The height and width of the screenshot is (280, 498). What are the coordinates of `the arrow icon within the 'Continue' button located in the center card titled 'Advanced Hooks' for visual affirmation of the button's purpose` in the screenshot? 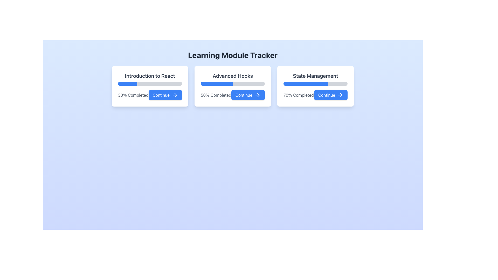 It's located at (258, 95).